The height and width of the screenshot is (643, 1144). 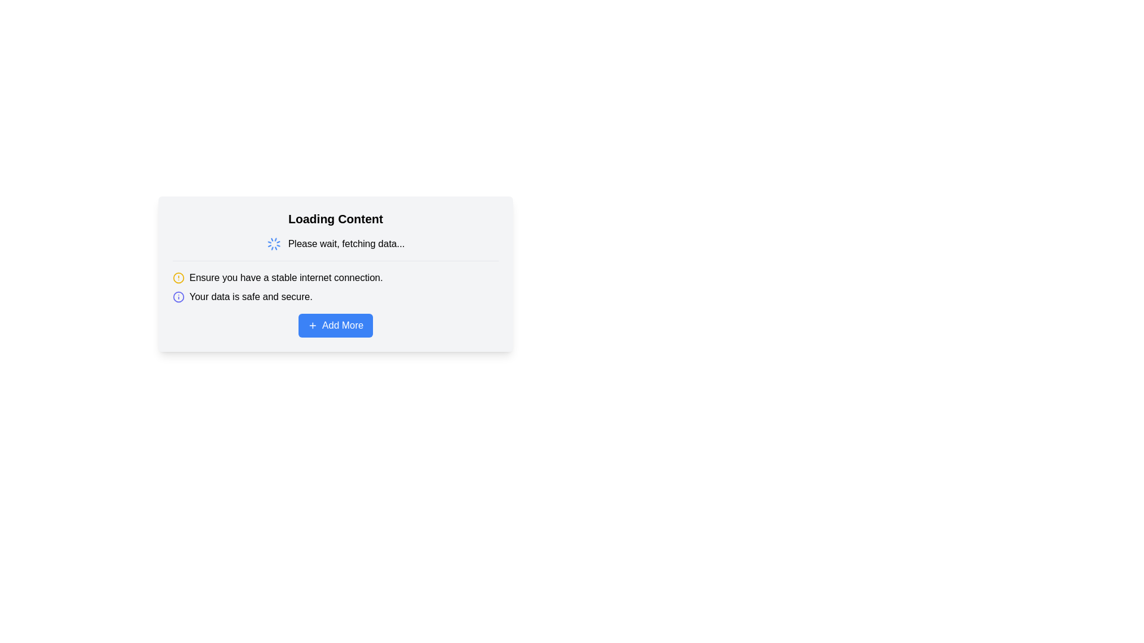 What do you see at coordinates (178, 296) in the screenshot?
I see `the information icon positioned to the left of the text 'Your data is safe and secure.'` at bounding box center [178, 296].